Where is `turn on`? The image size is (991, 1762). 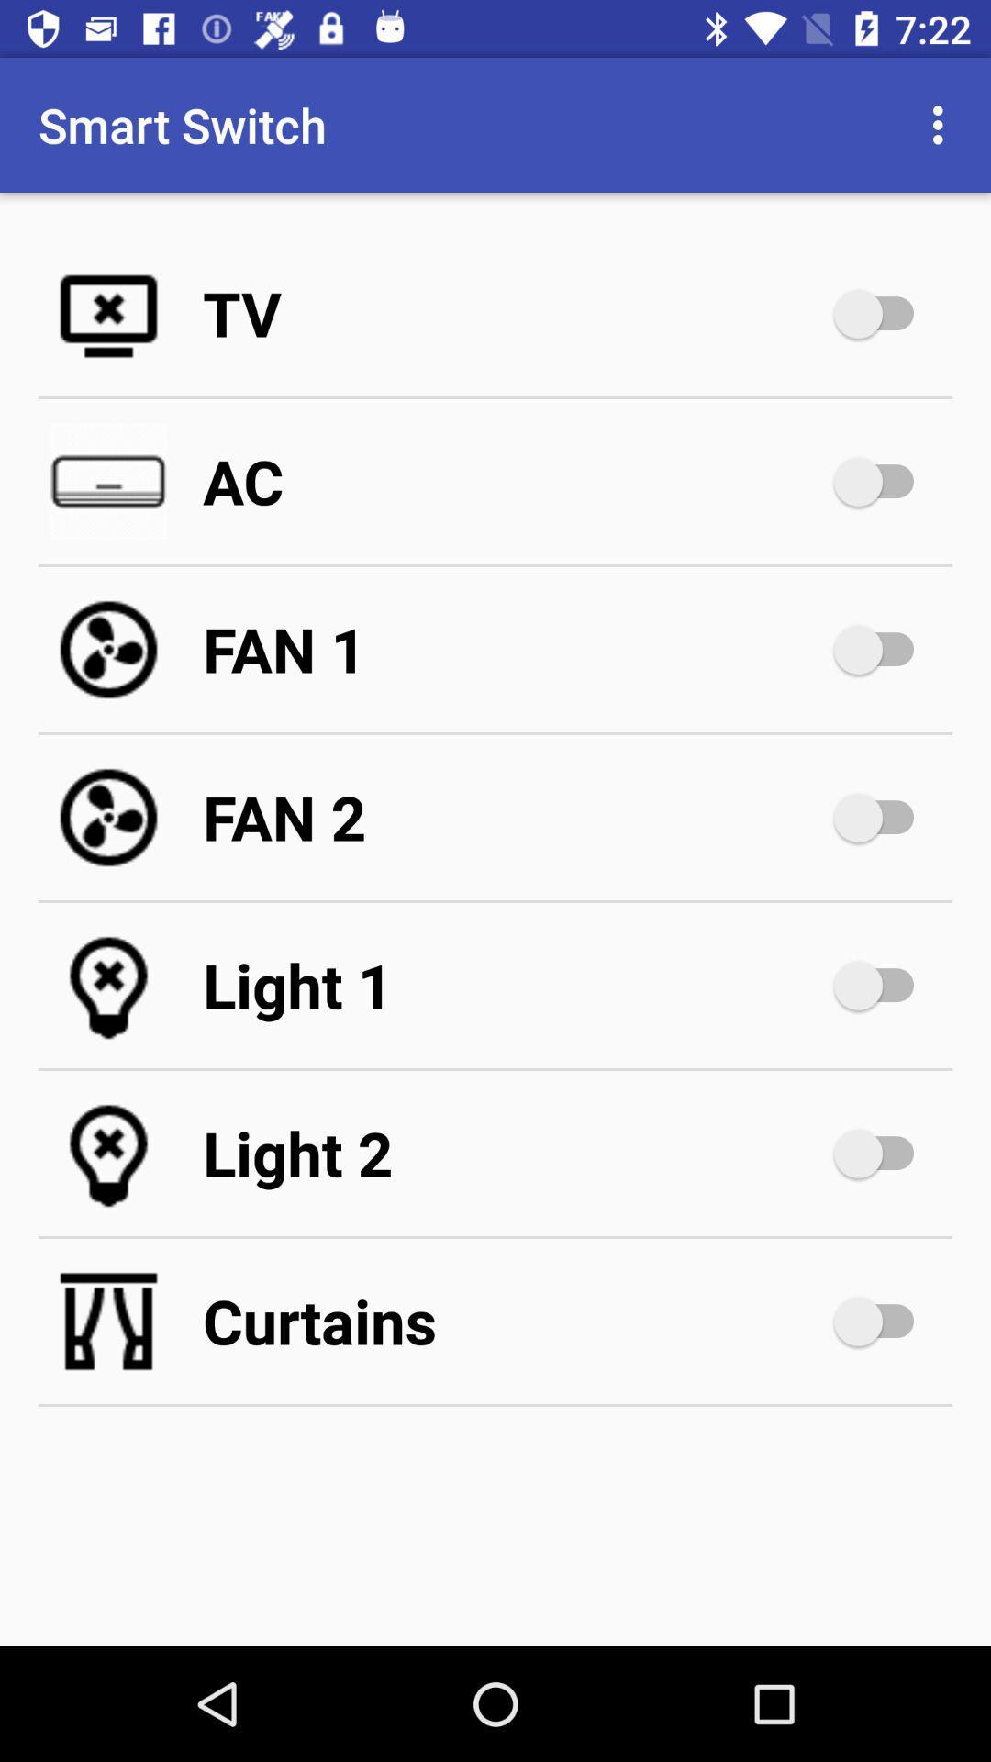
turn on is located at coordinates (882, 817).